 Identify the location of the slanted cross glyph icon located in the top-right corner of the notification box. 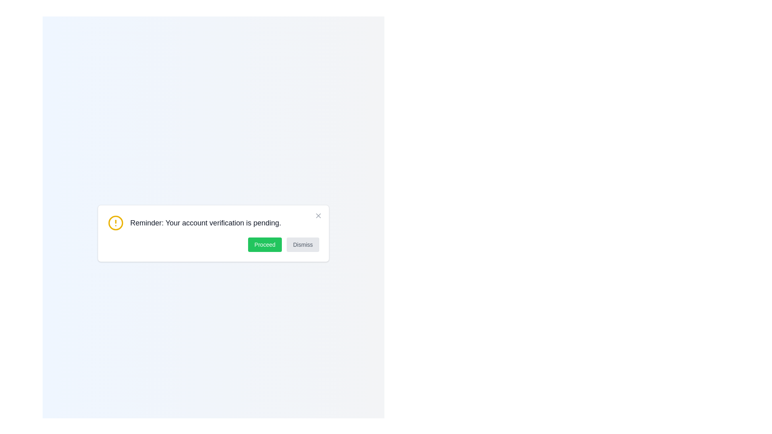
(318, 215).